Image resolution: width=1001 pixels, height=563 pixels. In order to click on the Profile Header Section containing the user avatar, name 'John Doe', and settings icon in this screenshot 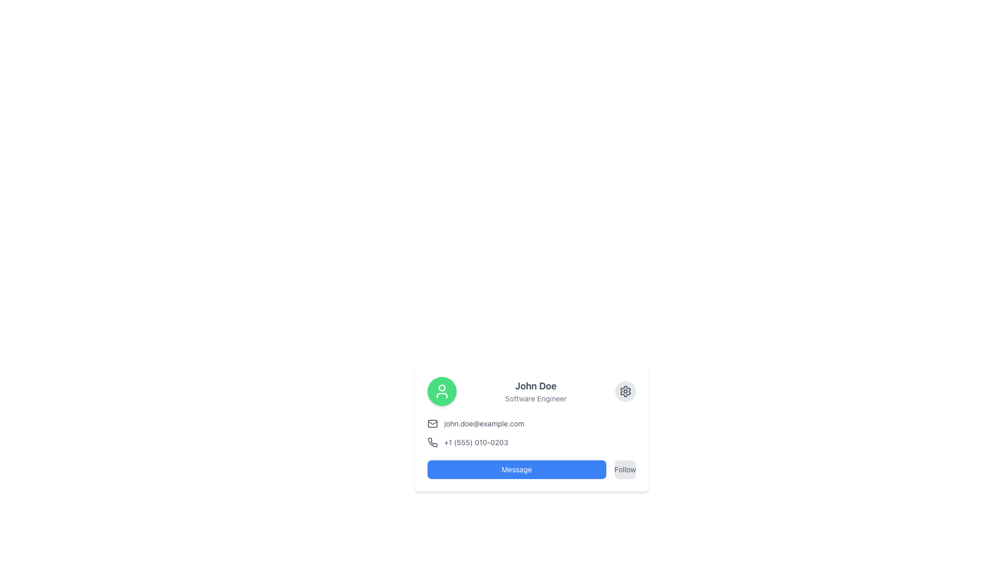, I will do `click(531, 391)`.